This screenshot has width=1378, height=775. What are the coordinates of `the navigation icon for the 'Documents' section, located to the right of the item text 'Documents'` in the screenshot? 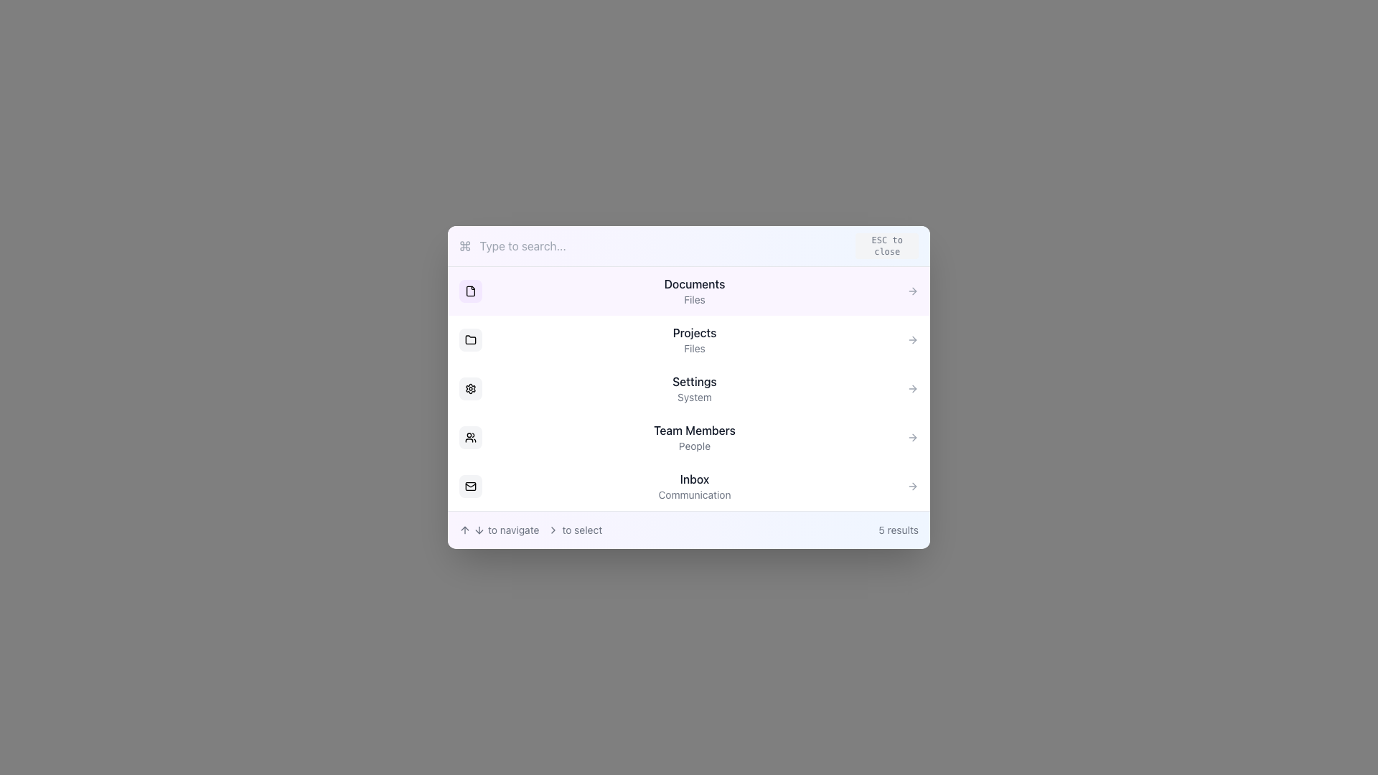 It's located at (912, 291).